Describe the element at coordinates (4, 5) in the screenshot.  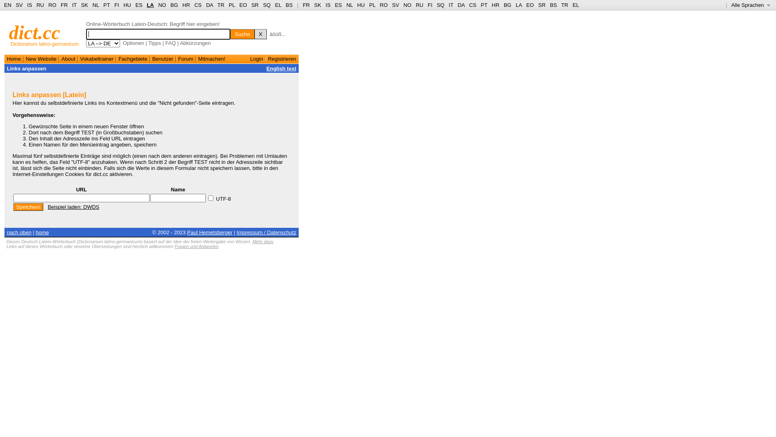
I see `'EN'` at that location.